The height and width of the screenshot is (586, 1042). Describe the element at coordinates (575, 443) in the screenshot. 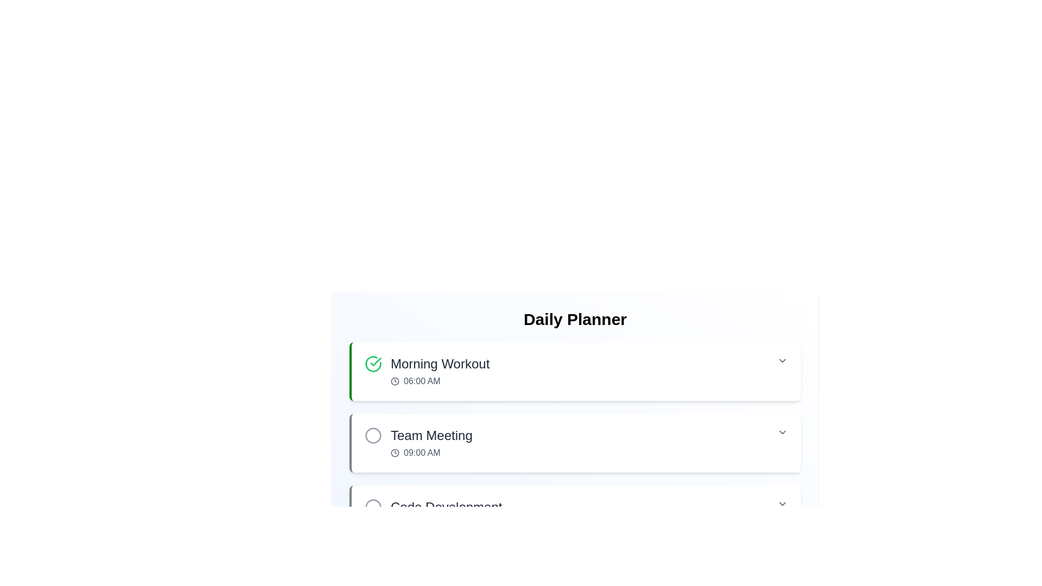

I see `the 'Team Meeting' list item in the daily planner` at that location.